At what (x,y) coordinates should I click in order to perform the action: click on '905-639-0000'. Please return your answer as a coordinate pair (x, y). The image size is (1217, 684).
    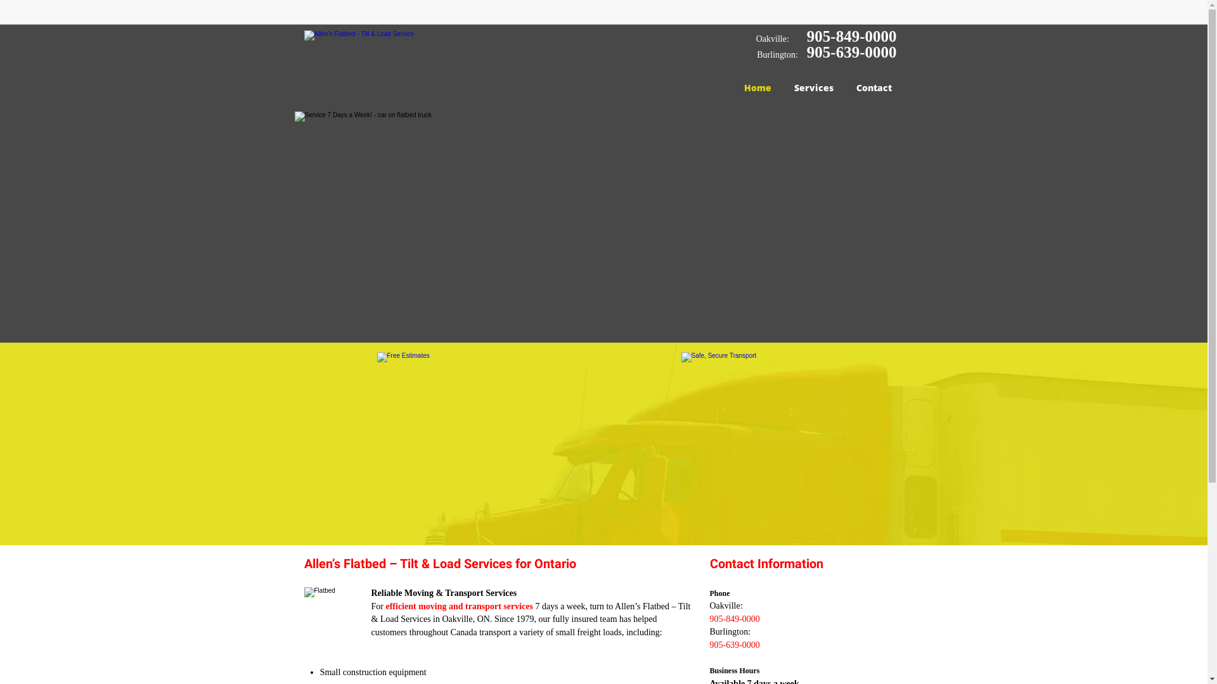
    Looking at the image, I should click on (735, 645).